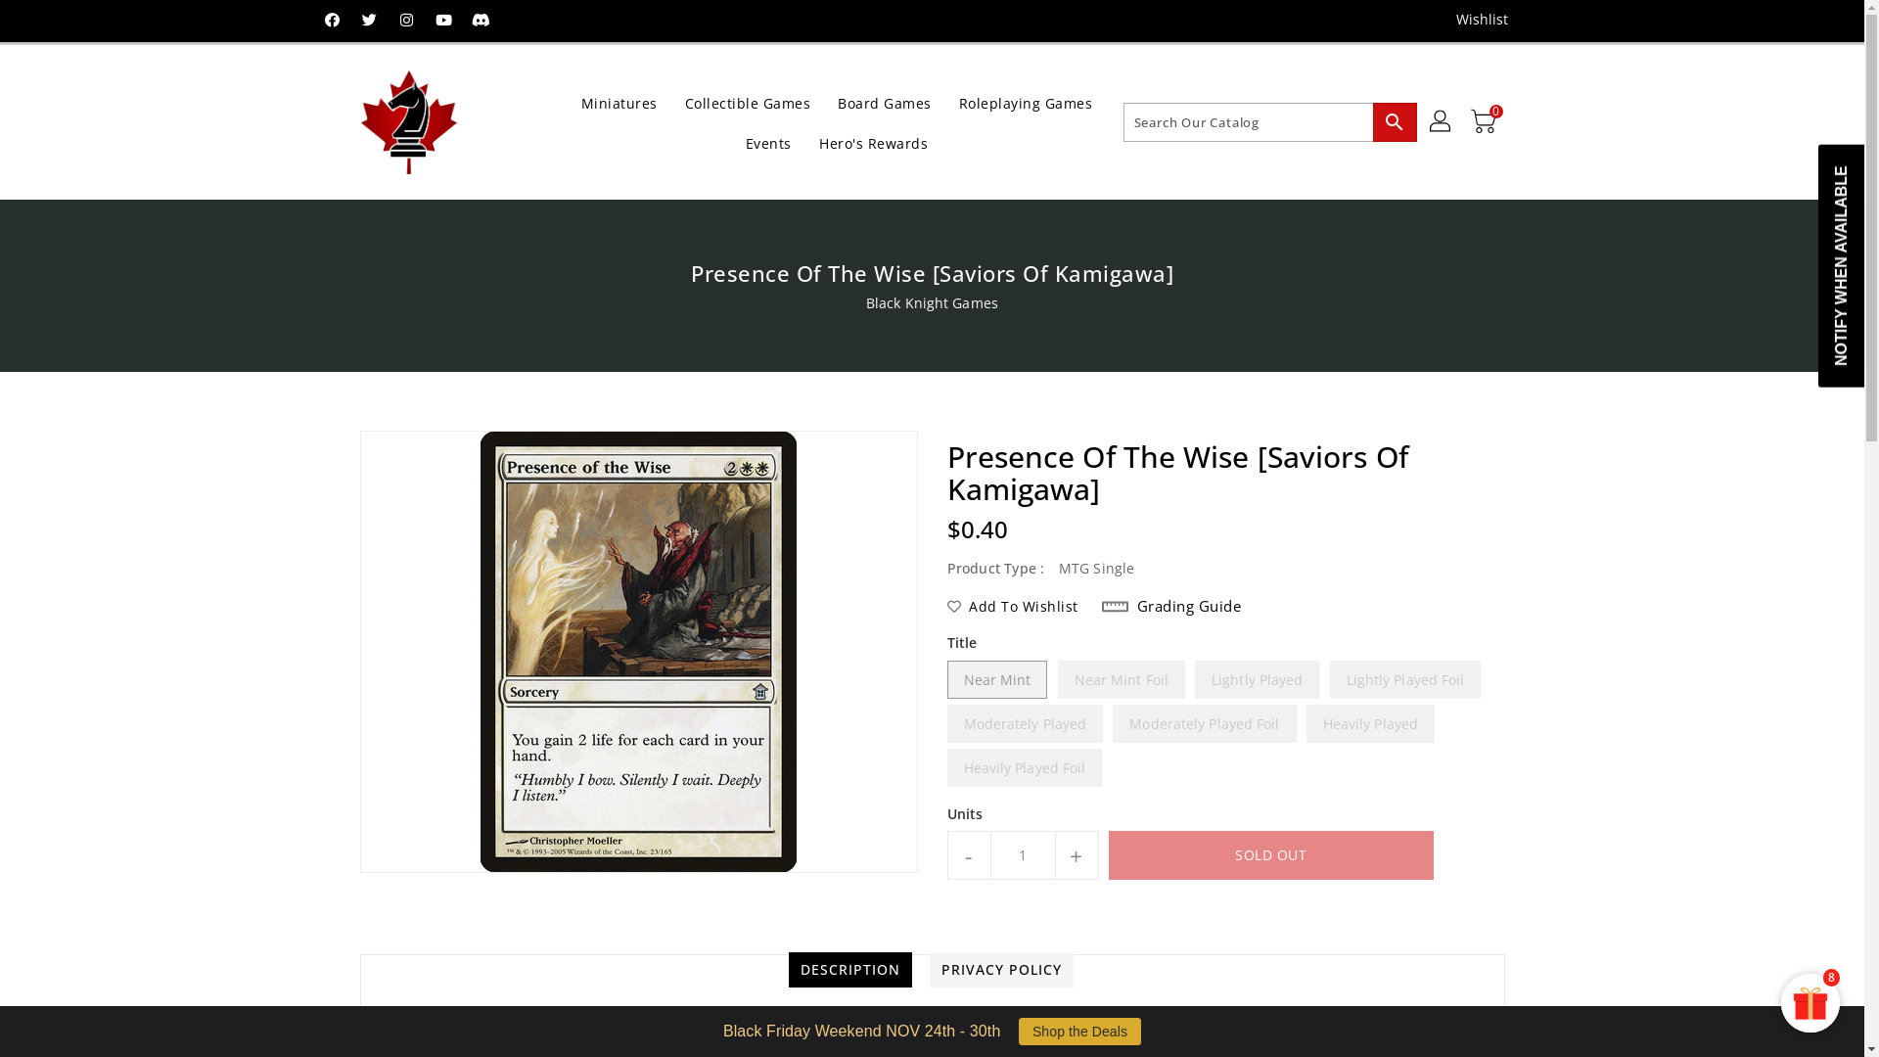 This screenshot has width=1879, height=1057. What do you see at coordinates (1013, 606) in the screenshot?
I see `'Add To Wishlist'` at bounding box center [1013, 606].